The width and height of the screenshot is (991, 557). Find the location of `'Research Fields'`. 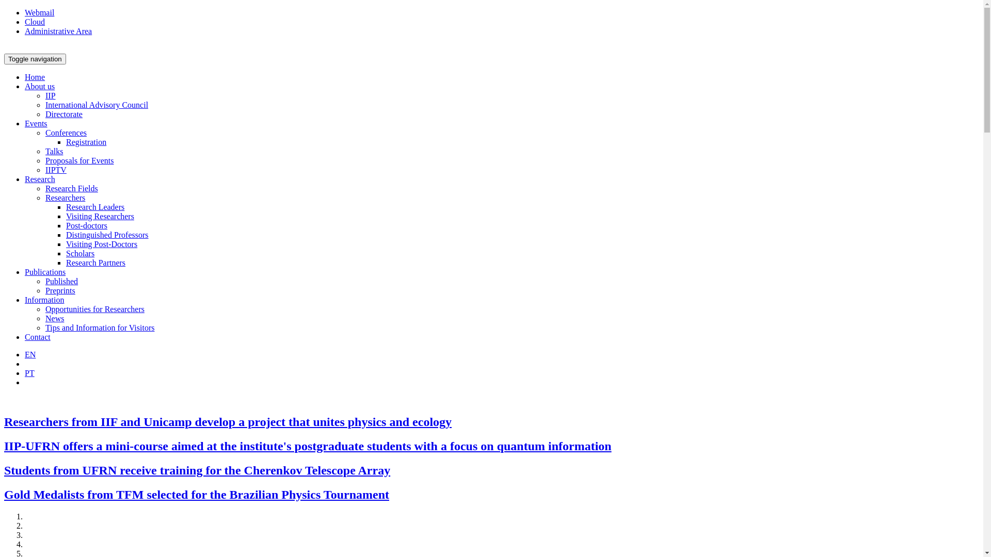

'Research Fields' is located at coordinates (71, 188).